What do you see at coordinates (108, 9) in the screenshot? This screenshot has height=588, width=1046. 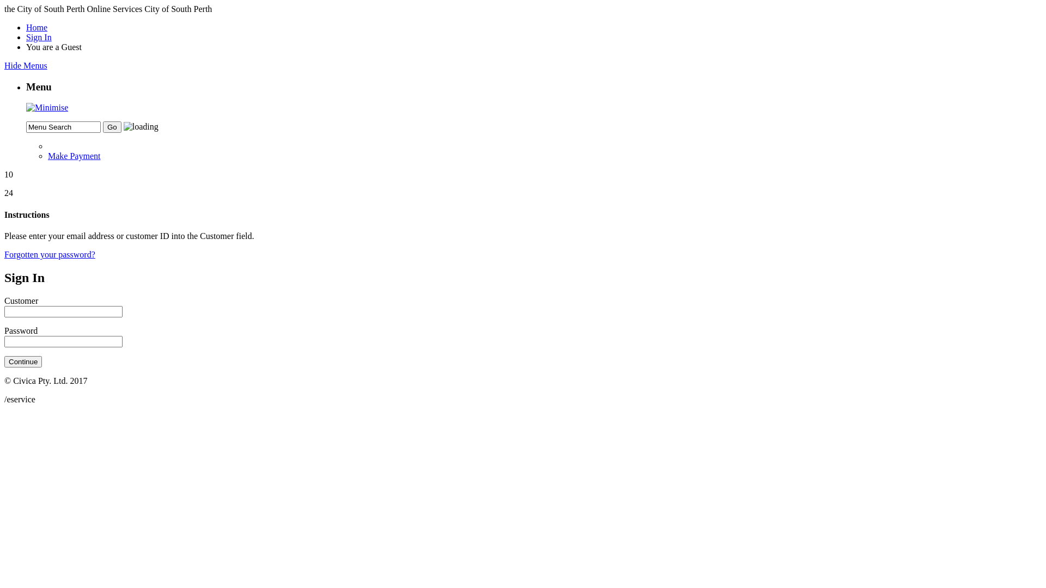 I see `'the City of South Perth Online Services City of South Perth'` at bounding box center [108, 9].